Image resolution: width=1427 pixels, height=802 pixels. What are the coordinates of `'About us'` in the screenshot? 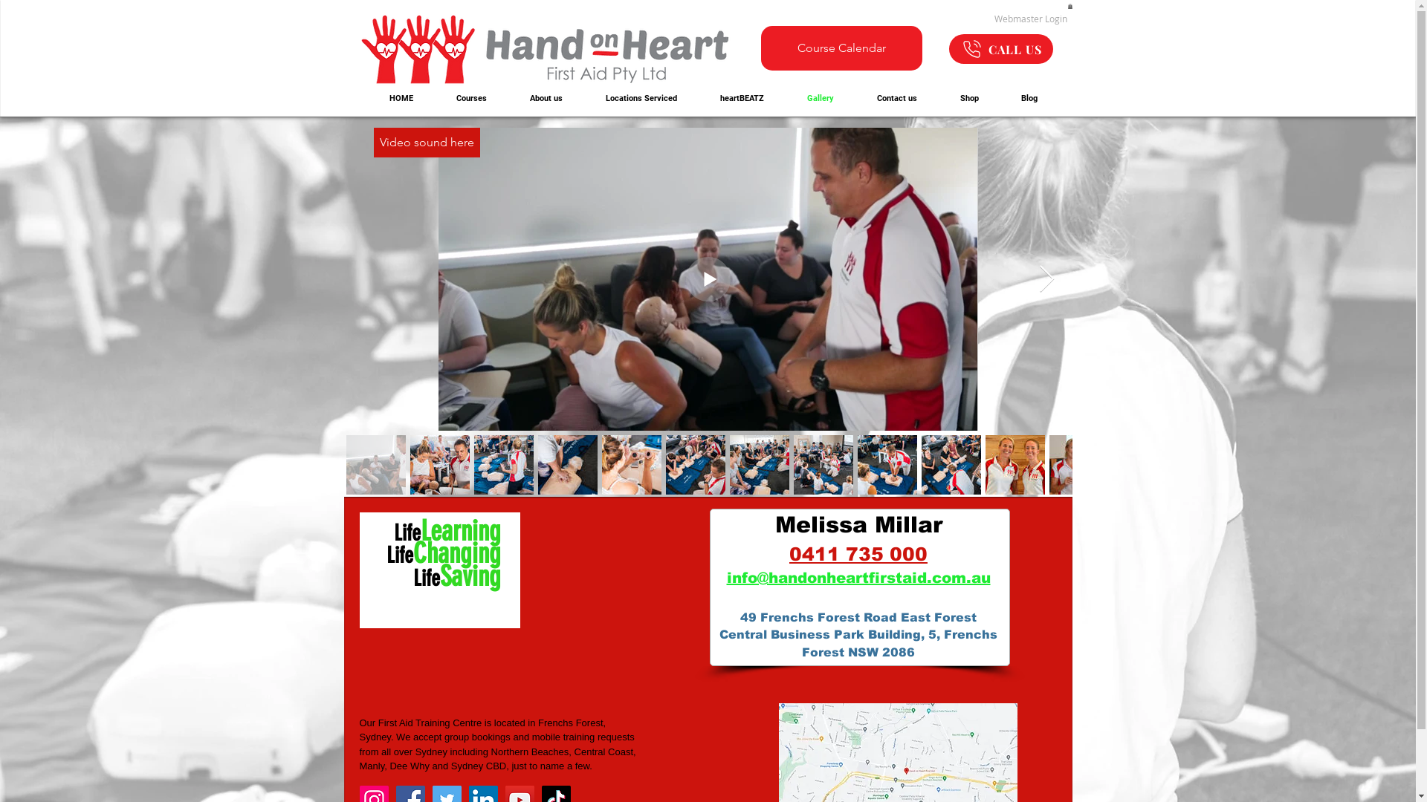 It's located at (545, 98).